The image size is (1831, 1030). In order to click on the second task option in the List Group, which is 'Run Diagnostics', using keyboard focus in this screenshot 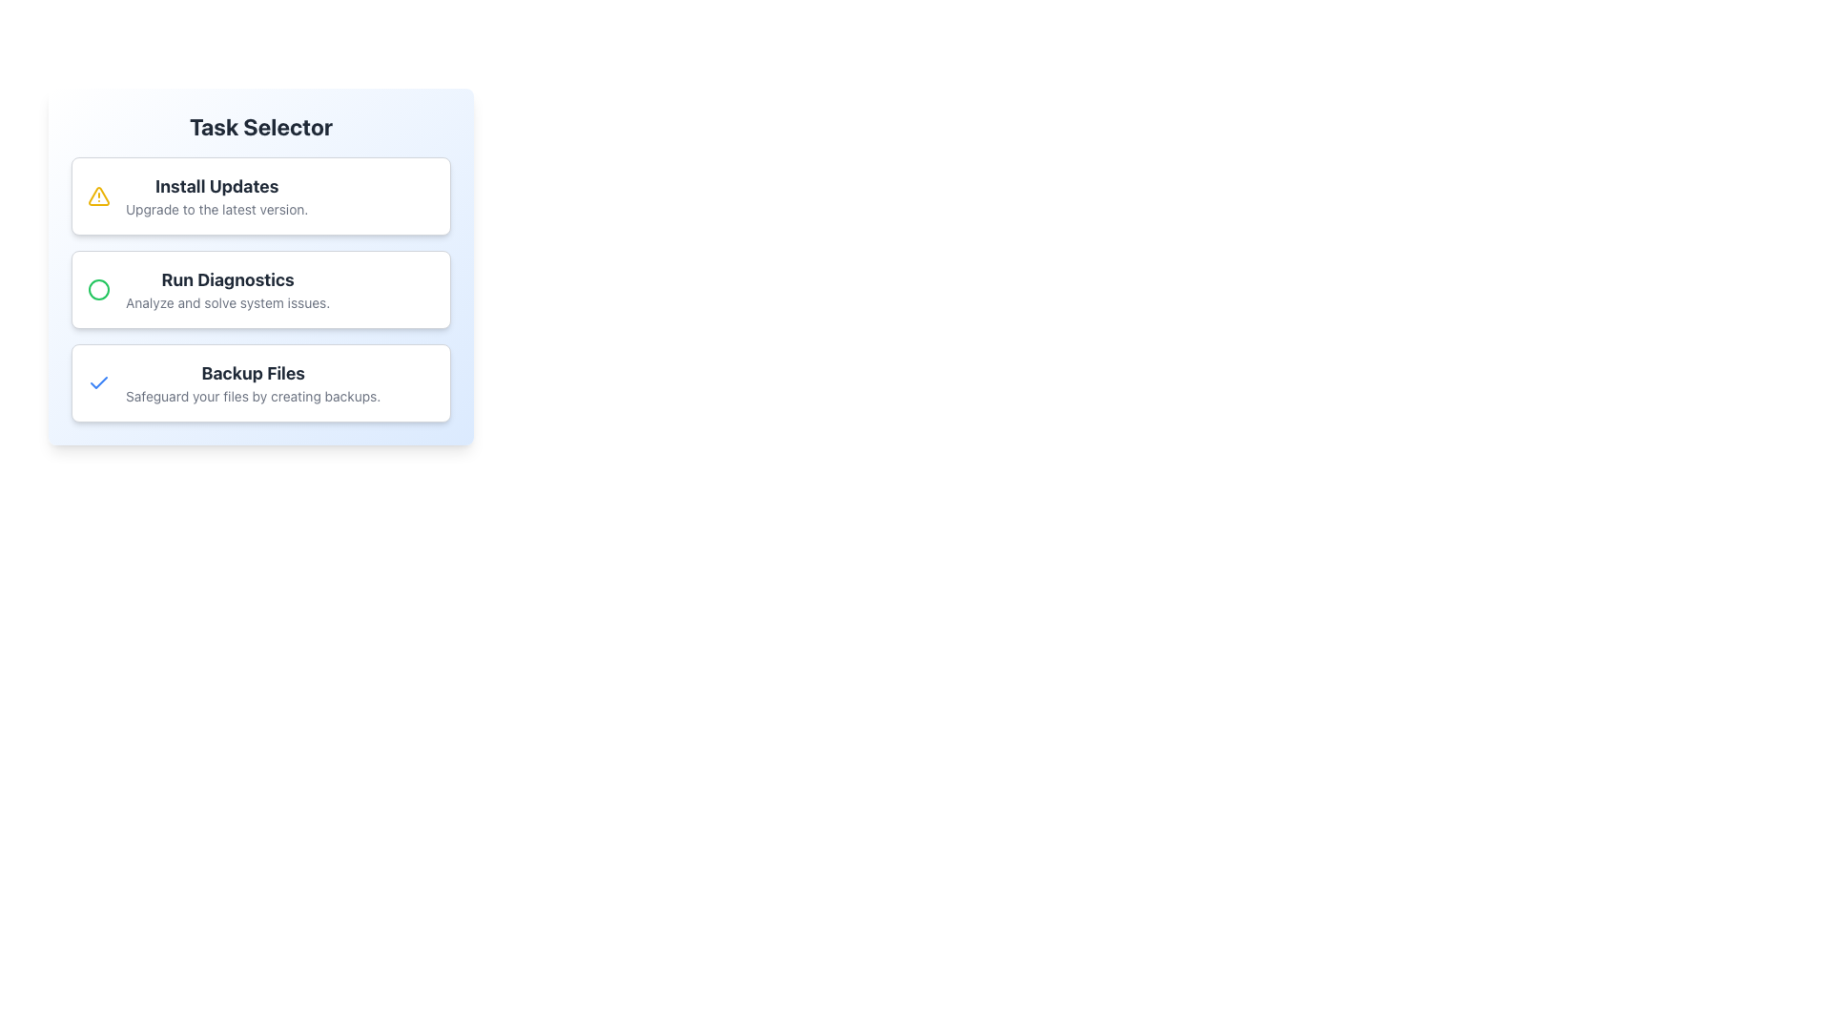, I will do `click(259, 290)`.